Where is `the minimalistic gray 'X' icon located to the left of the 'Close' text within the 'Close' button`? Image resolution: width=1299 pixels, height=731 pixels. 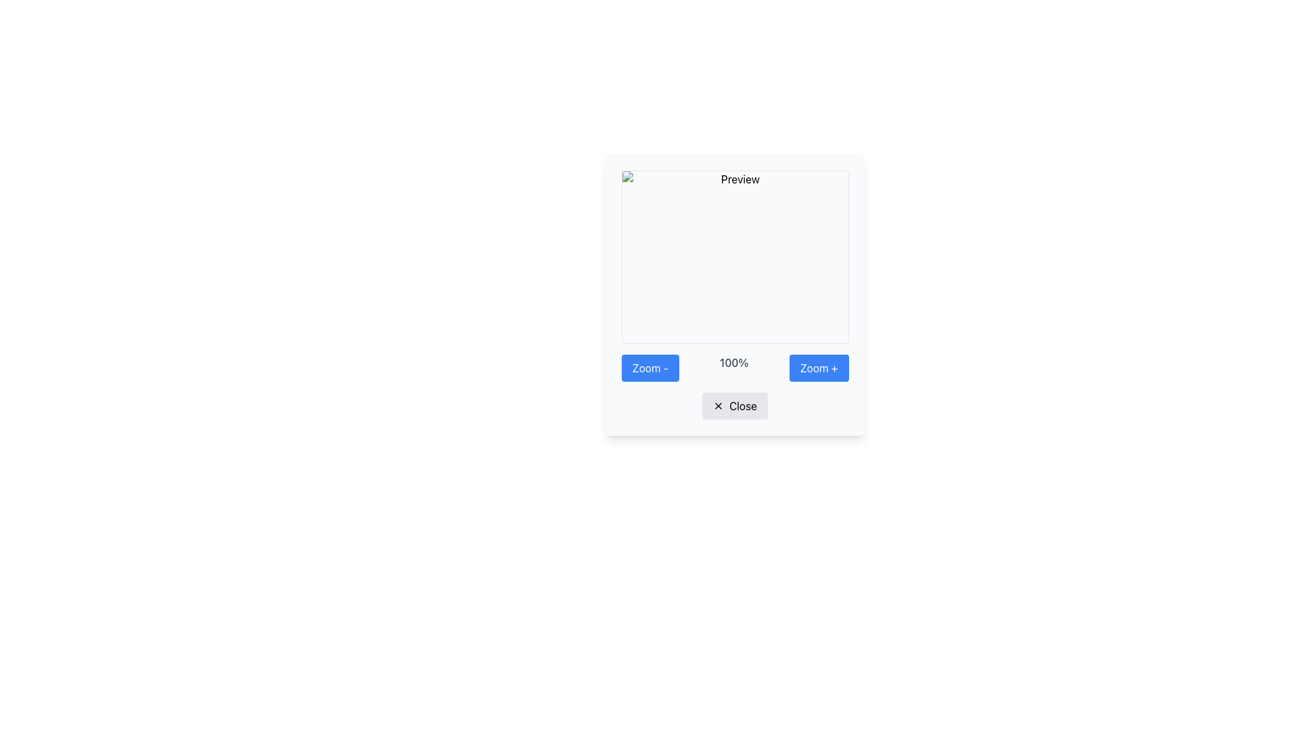
the minimalistic gray 'X' icon located to the left of the 'Close' text within the 'Close' button is located at coordinates (718, 405).